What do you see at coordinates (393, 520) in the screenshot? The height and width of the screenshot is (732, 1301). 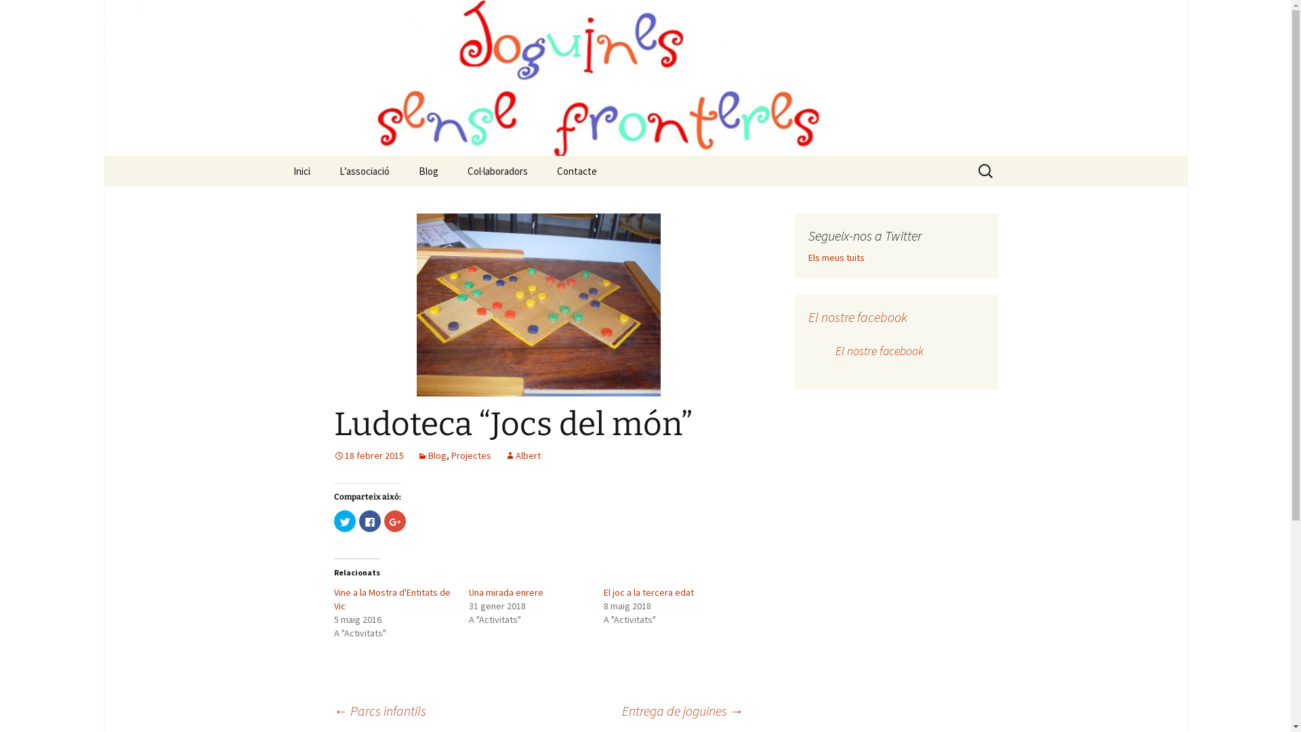 I see `'Feu clic per compartir a Google+ (Opens in new window)'` at bounding box center [393, 520].